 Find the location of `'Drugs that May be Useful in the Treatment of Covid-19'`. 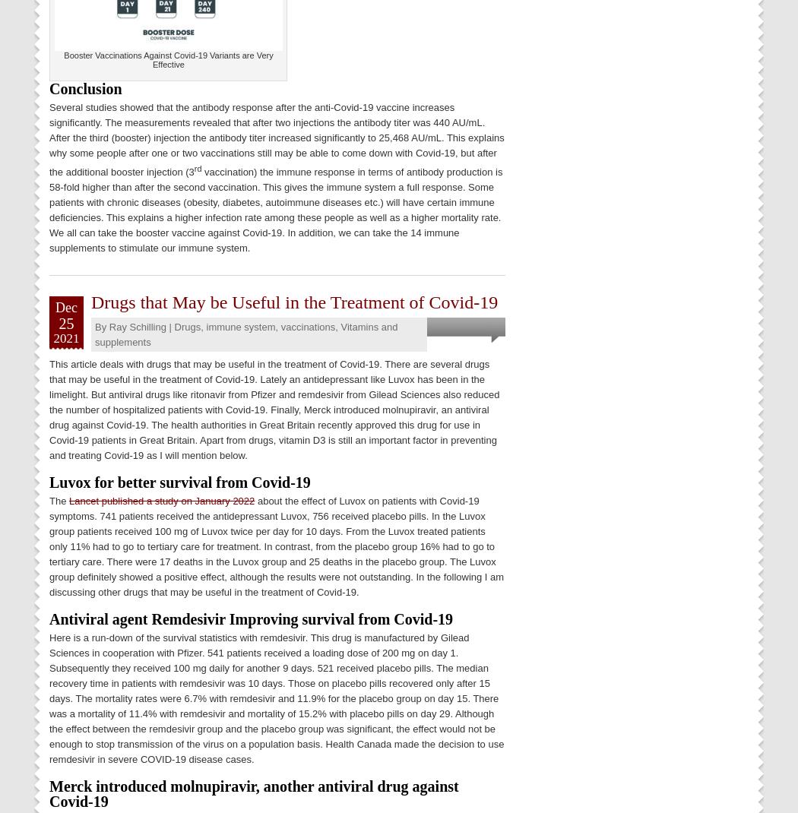

'Drugs that May be Useful in the Treatment of Covid-19' is located at coordinates (294, 300).